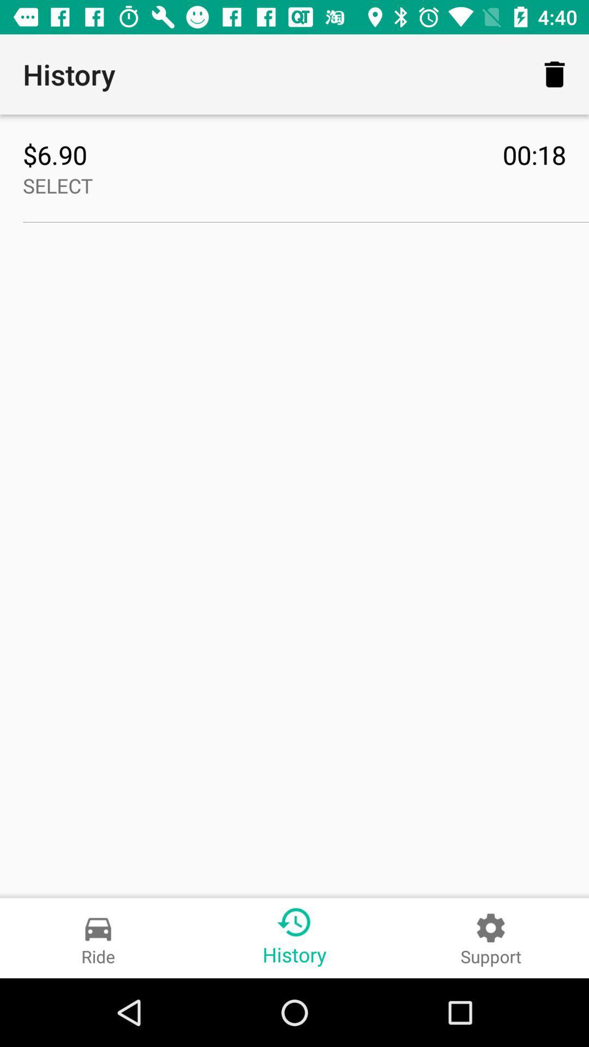  I want to click on icon to the right of history icon, so click(555, 74).